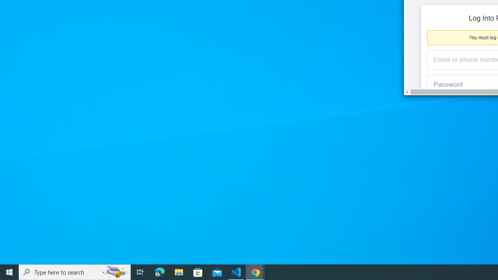  I want to click on 'Task View', so click(140, 271).